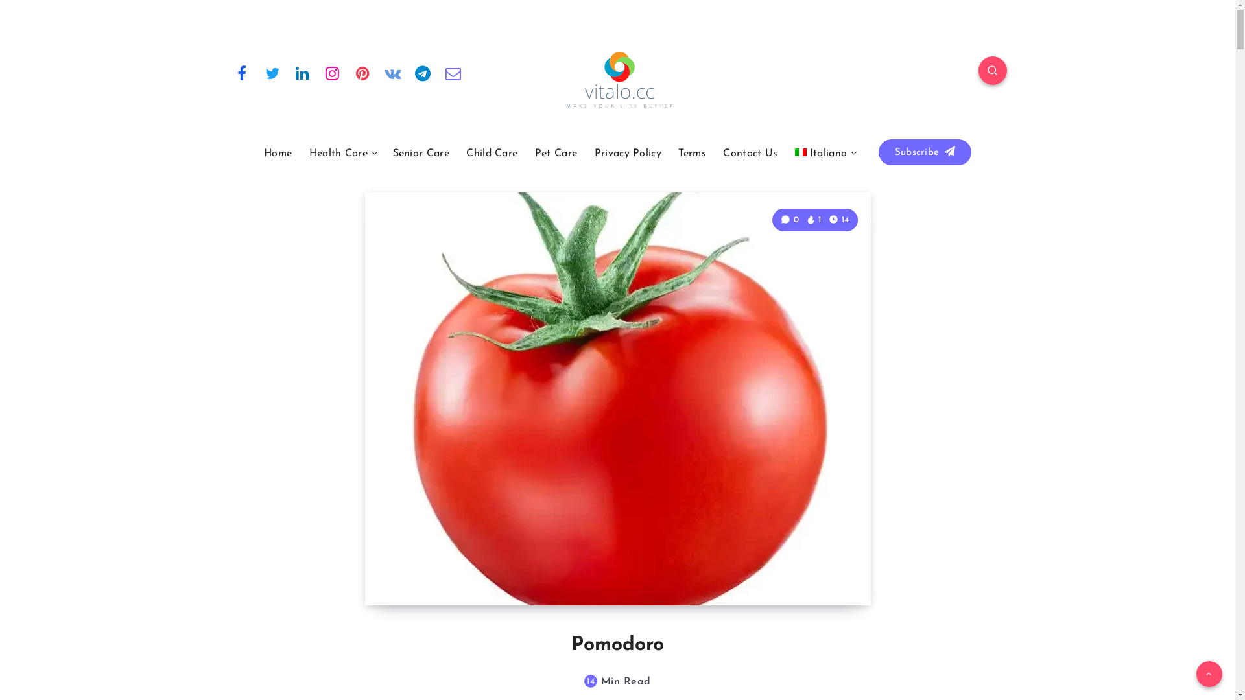  What do you see at coordinates (878, 152) in the screenshot?
I see `'Subscribe'` at bounding box center [878, 152].